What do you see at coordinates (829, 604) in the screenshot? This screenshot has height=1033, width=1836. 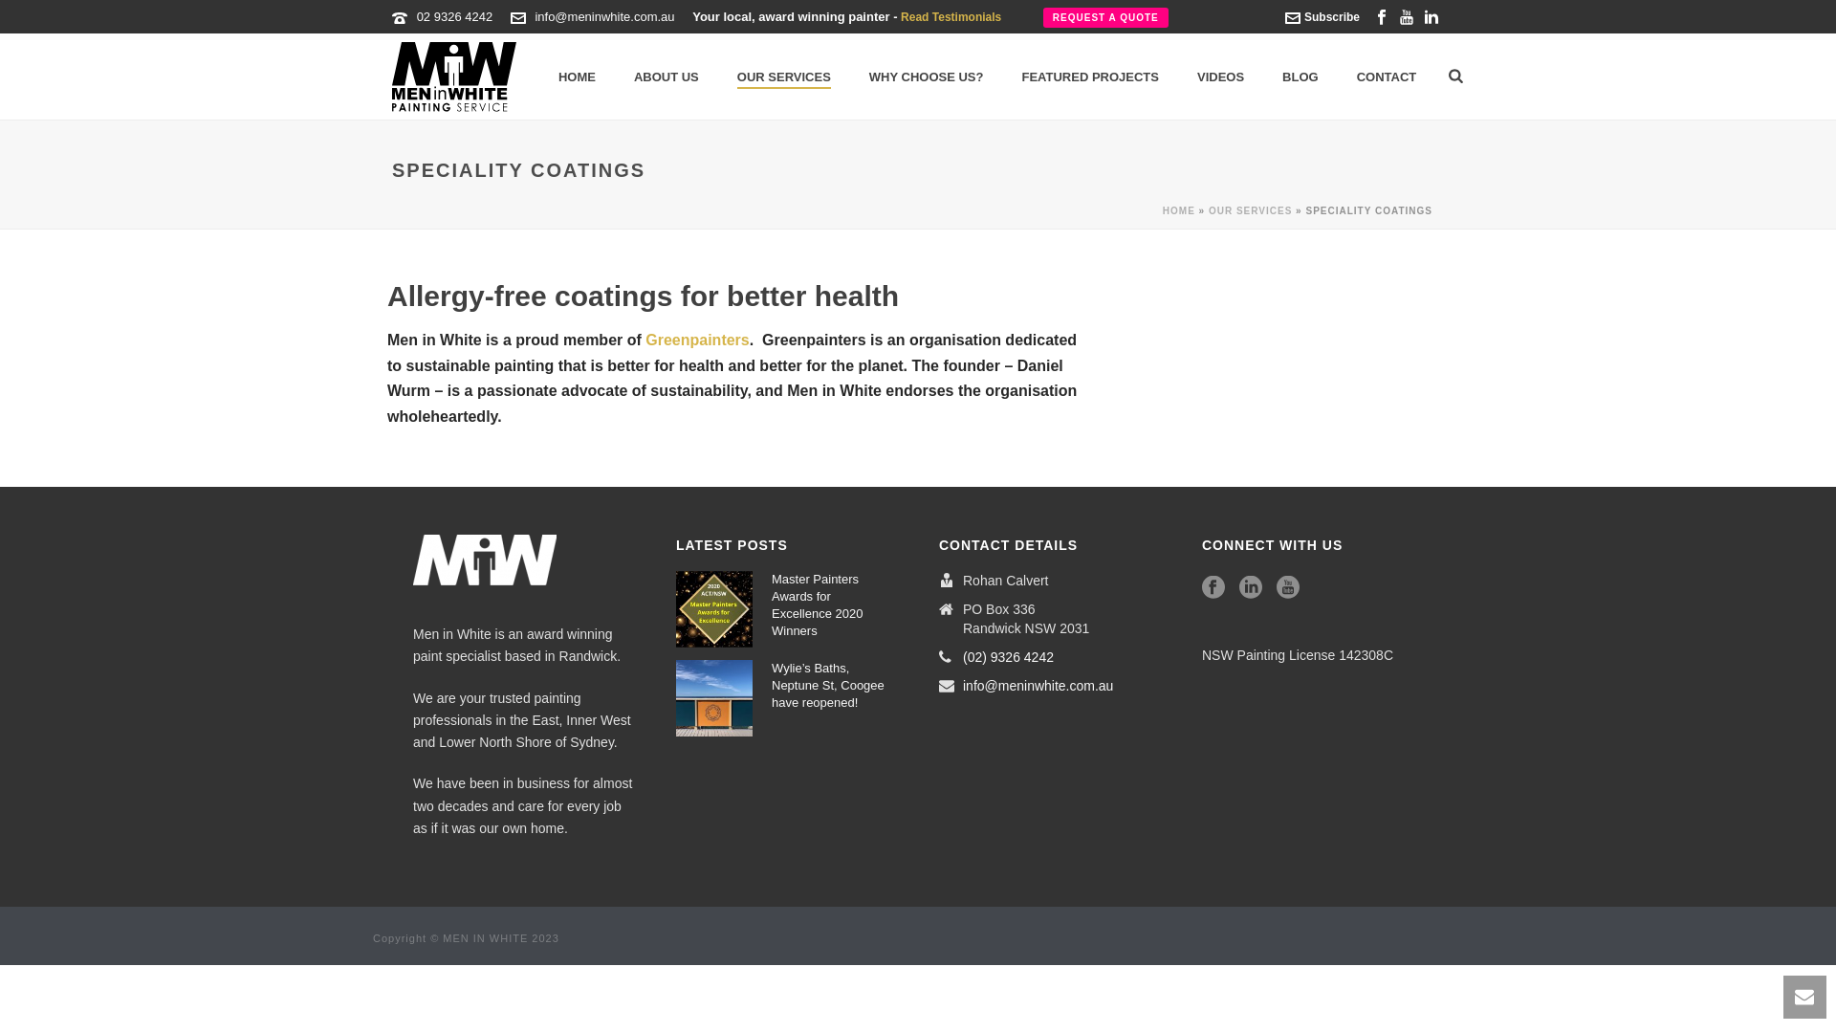 I see `'Master Painters Awards for Excellence 2020 Winners'` at bounding box center [829, 604].